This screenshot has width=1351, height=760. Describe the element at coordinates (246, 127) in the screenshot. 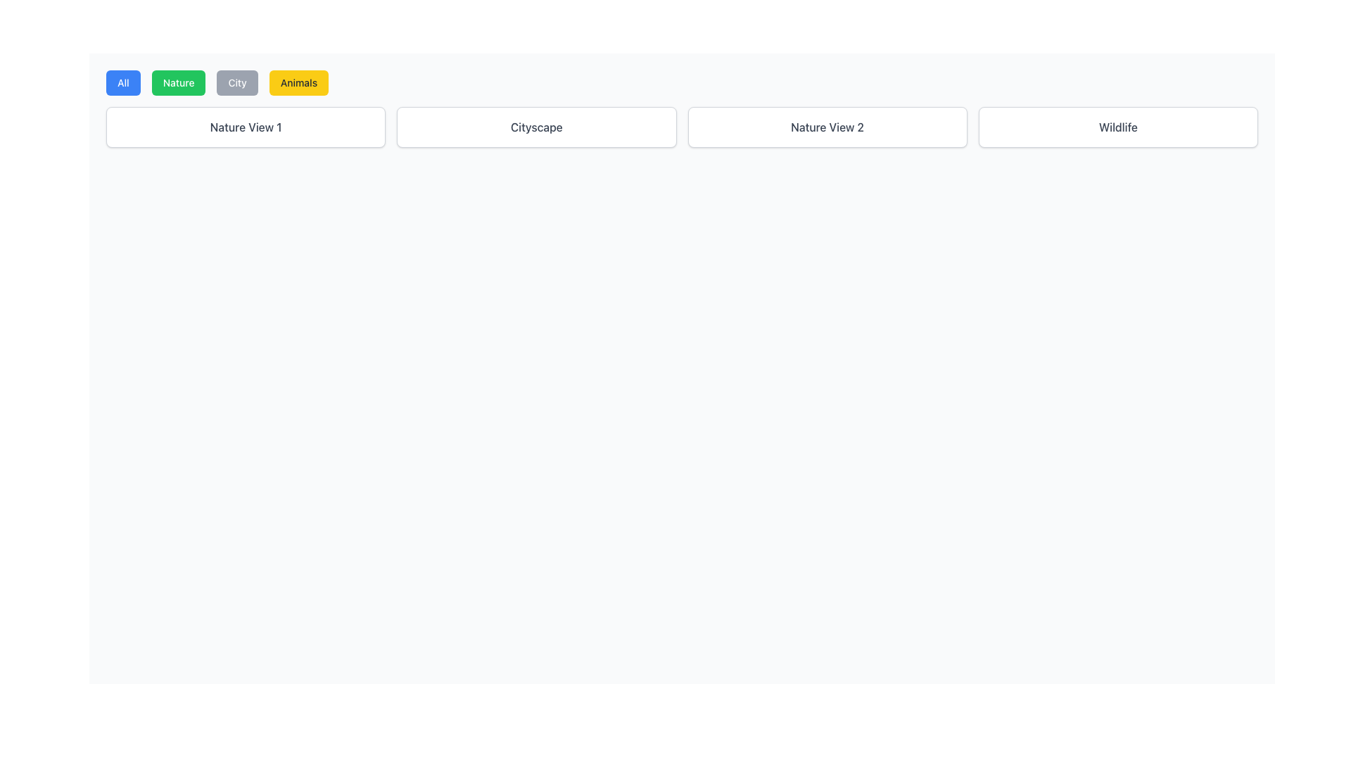

I see `the 'Nature View 1' label card located at the top-left of the grid layout, which is the first item displaying a labeled option` at that location.